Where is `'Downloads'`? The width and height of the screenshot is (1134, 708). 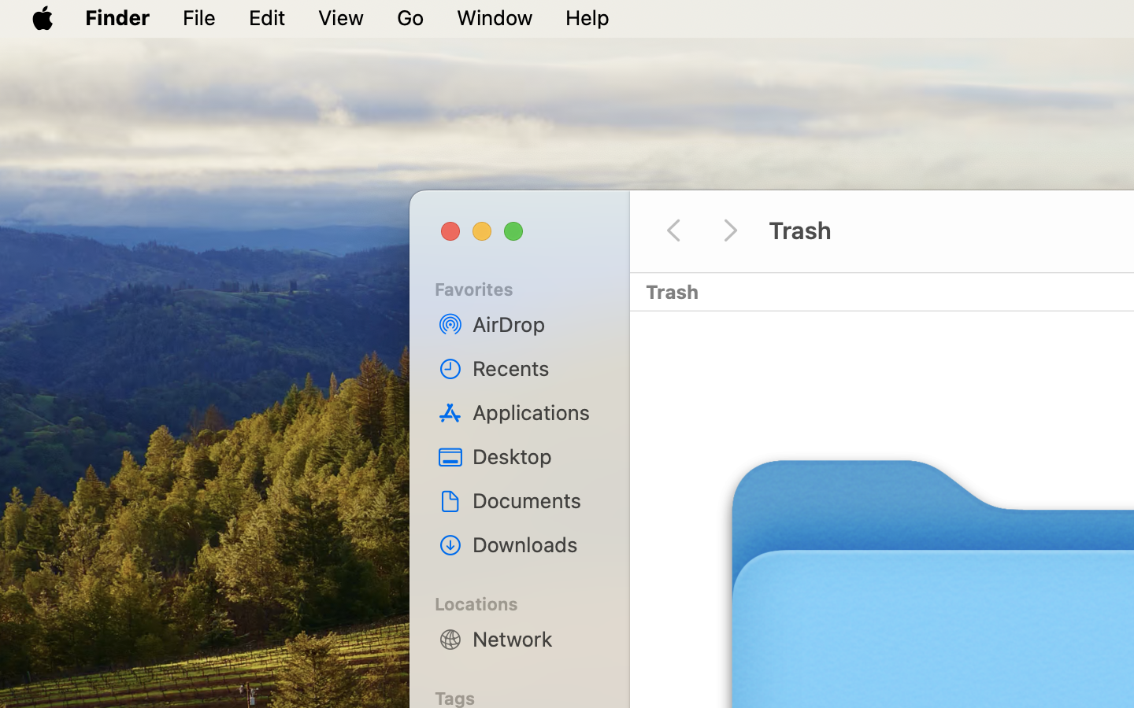
'Downloads' is located at coordinates (535, 544).